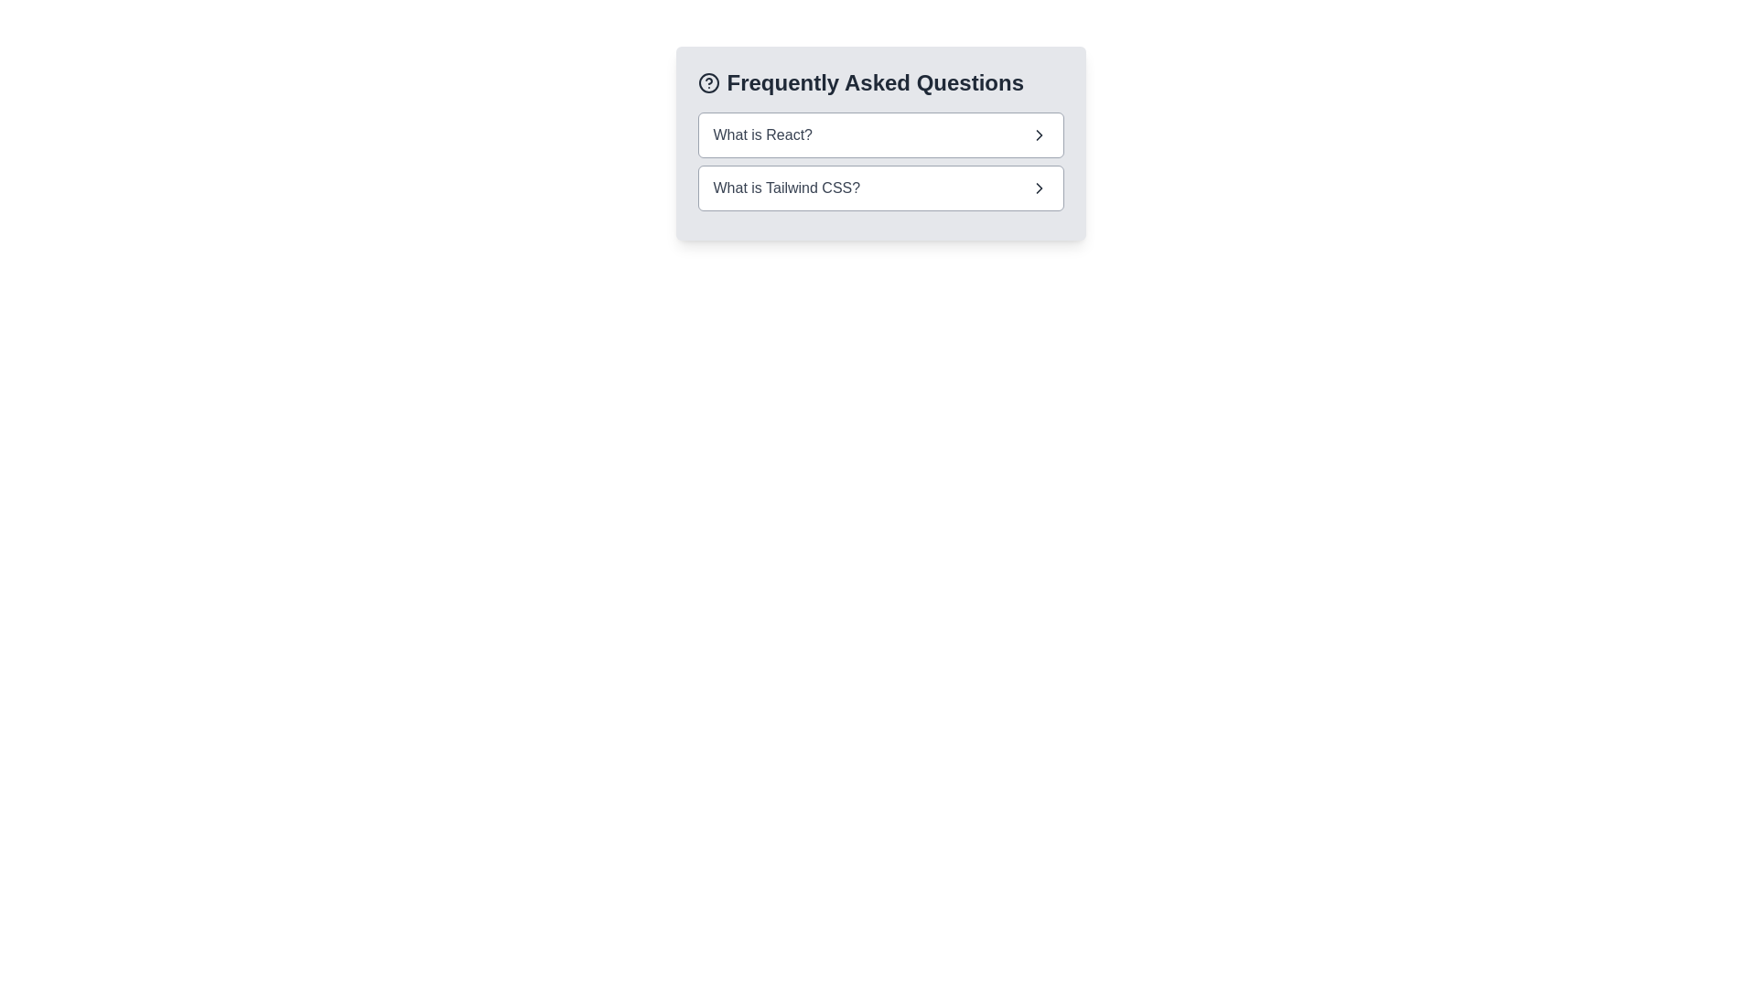  What do you see at coordinates (786, 188) in the screenshot?
I see `the text label displaying 'What is Tailwind CSS?'` at bounding box center [786, 188].